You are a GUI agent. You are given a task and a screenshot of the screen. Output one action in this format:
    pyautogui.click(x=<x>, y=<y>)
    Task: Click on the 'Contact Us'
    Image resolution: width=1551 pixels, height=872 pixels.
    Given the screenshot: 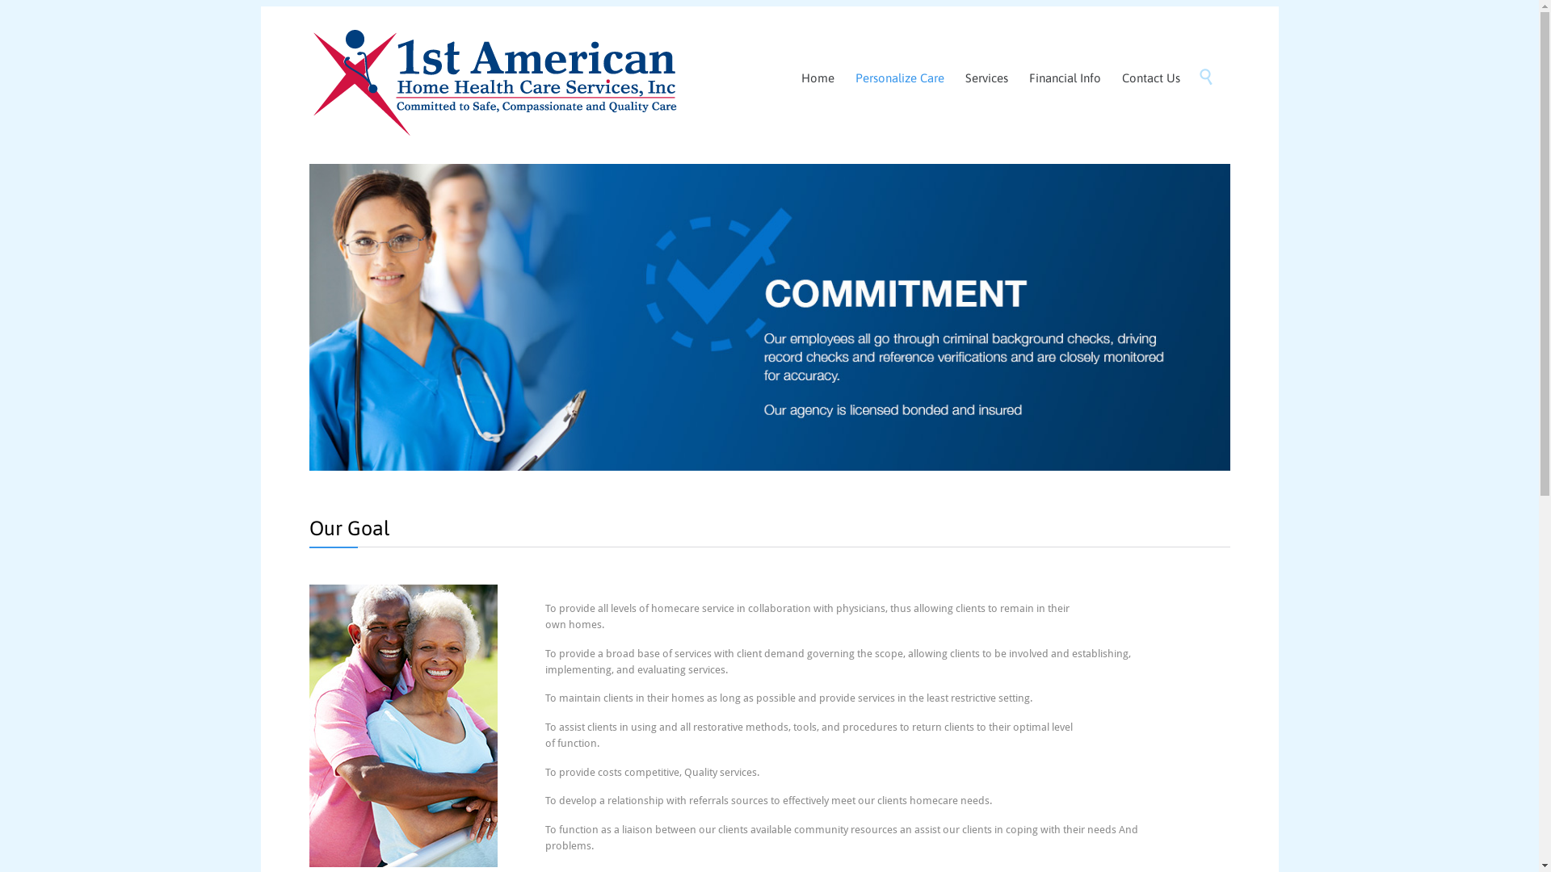 What is the action you would take?
    pyautogui.click(x=1150, y=78)
    